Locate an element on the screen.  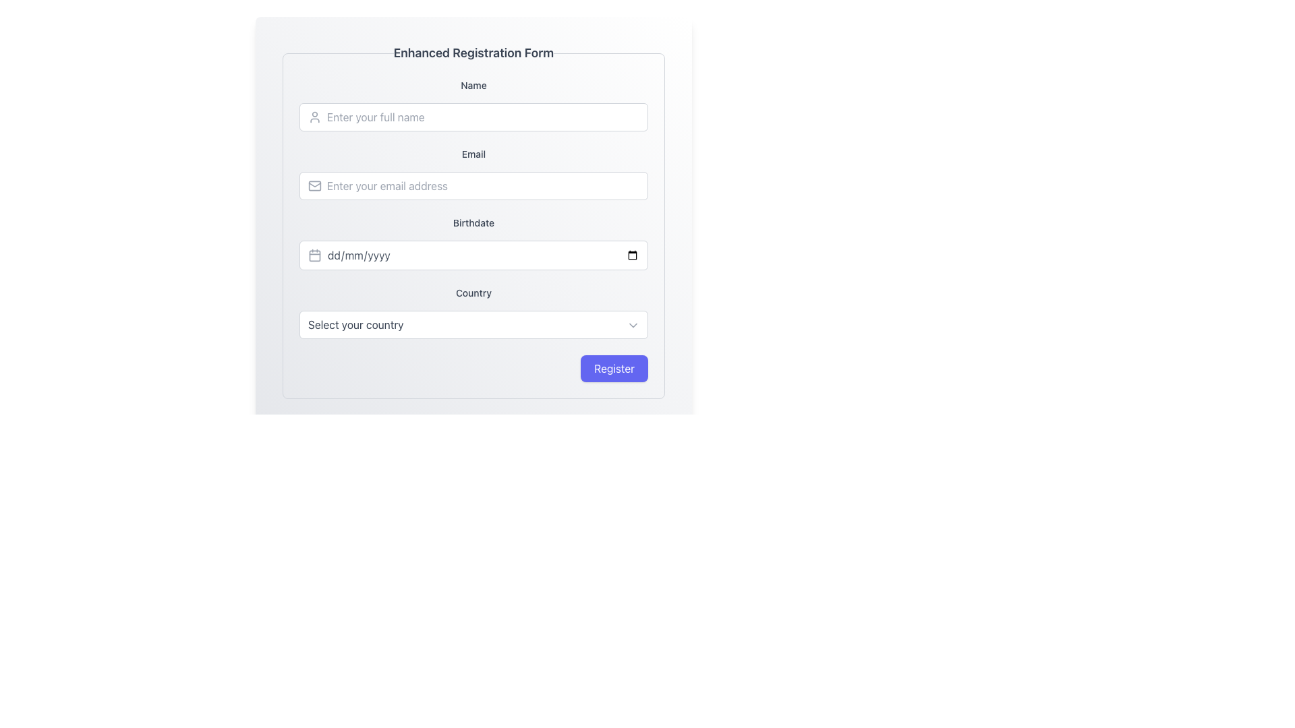
the dropdown menu labeled 'Select your country' by tabbing to it is located at coordinates (473, 325).